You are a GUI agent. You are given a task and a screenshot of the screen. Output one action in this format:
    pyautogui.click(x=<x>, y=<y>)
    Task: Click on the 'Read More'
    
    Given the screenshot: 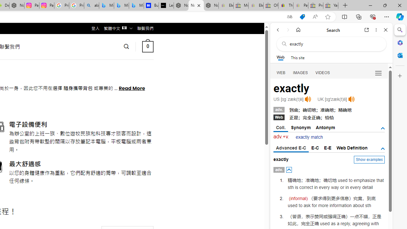 What is the action you would take?
    pyautogui.click(x=131, y=88)
    